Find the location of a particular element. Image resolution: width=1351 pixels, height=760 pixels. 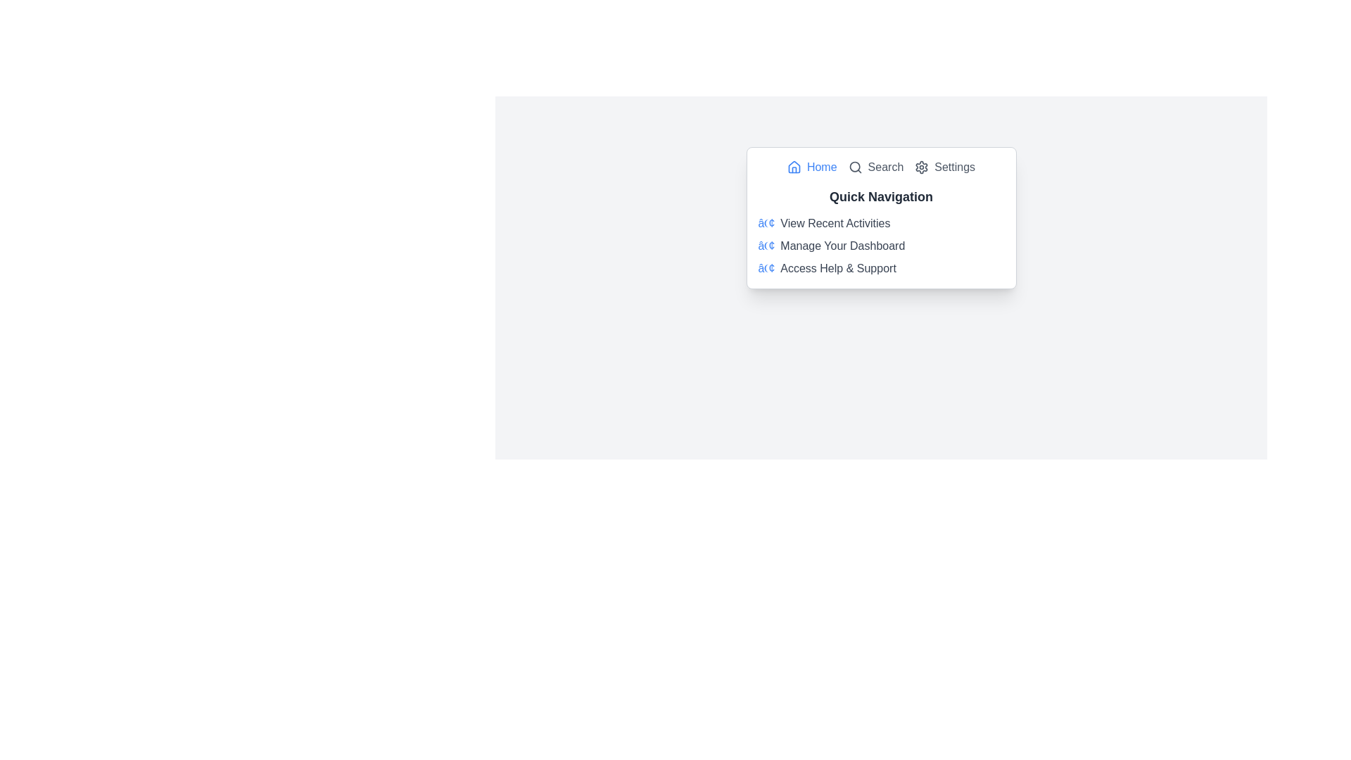

the small house icon, which is a line drawing styled with blue strokes, located to the left of the word 'Home' in the navigation bar is located at coordinates (794, 167).